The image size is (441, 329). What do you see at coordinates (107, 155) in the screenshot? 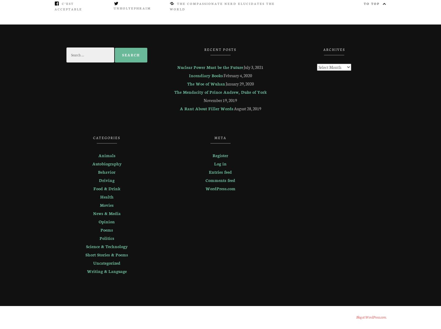
I see `'Animals'` at bounding box center [107, 155].